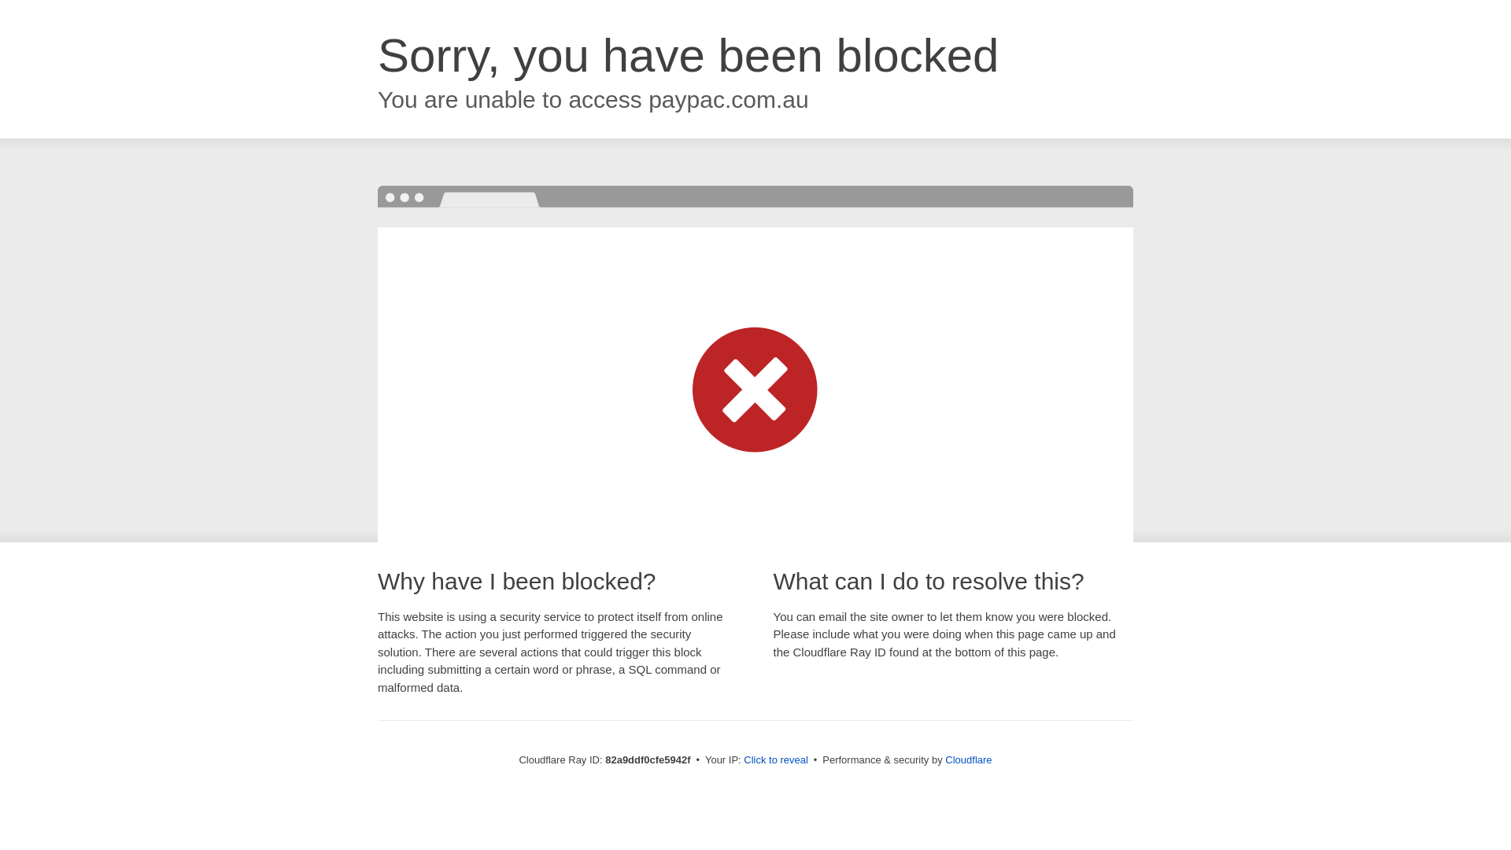 The height and width of the screenshot is (850, 1511). I want to click on 'Cloudflare', so click(967, 759).